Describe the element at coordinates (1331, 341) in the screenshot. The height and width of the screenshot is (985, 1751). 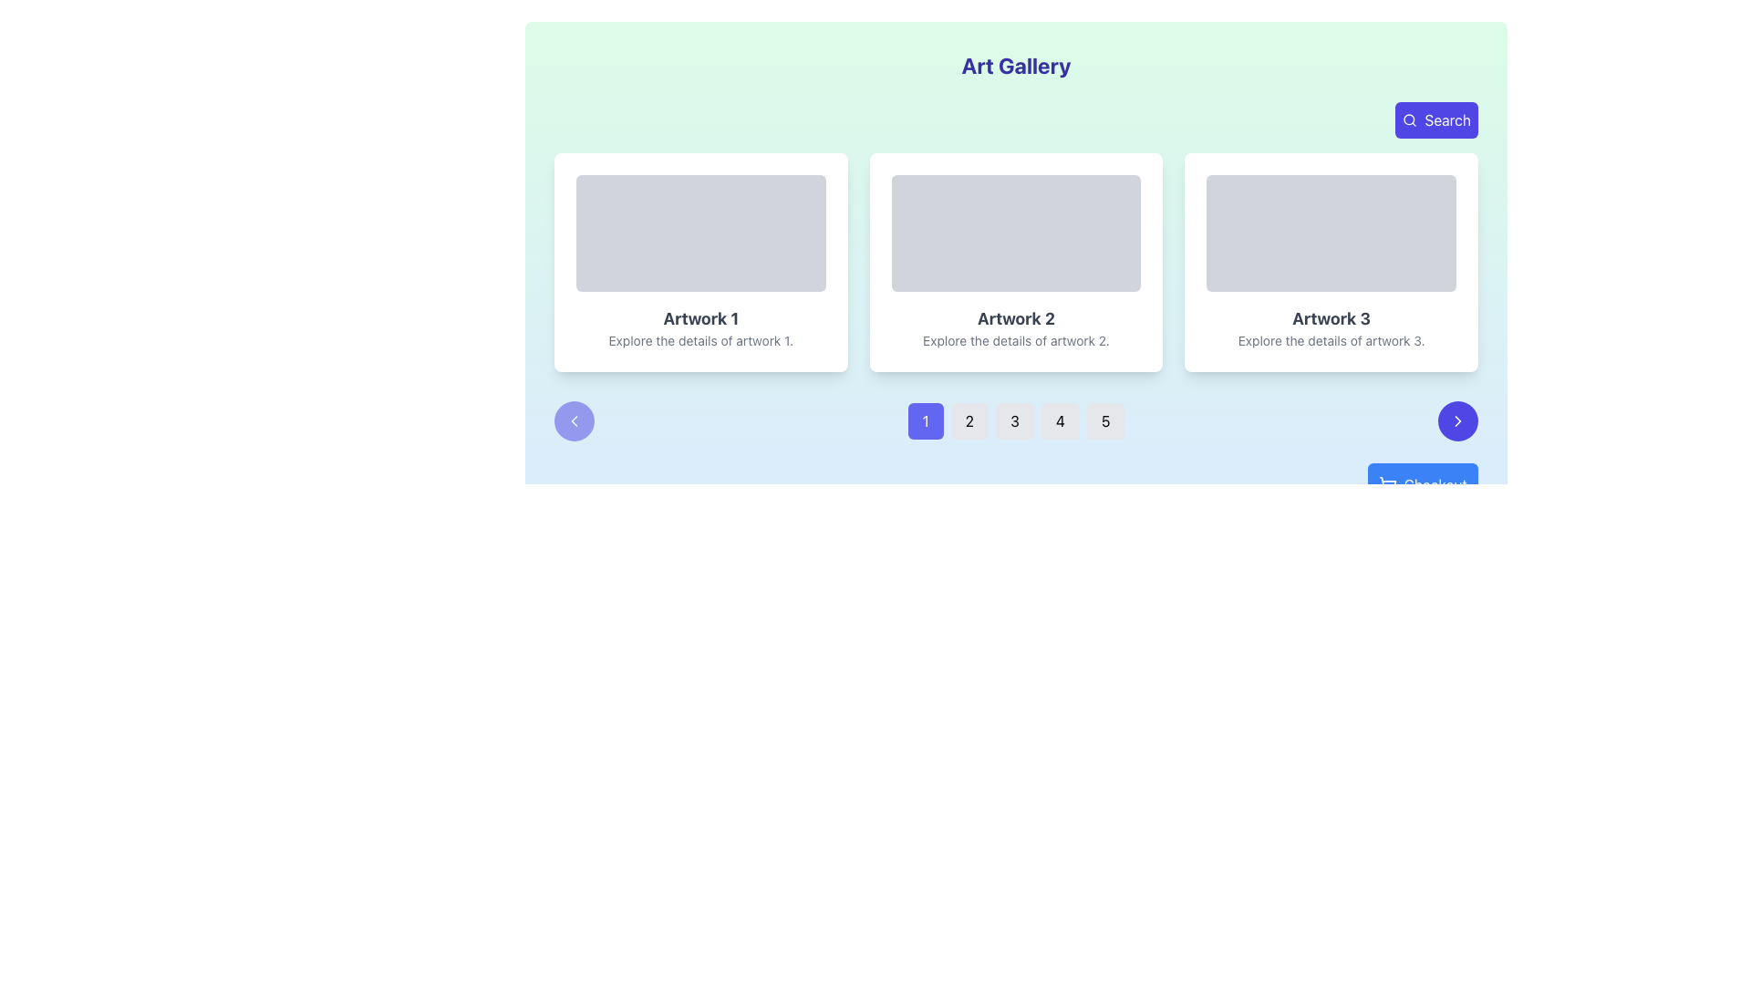
I see `the non-interactive text element providing a description related to 'Artwork 3', located at the bottom of the rightmost card` at that location.